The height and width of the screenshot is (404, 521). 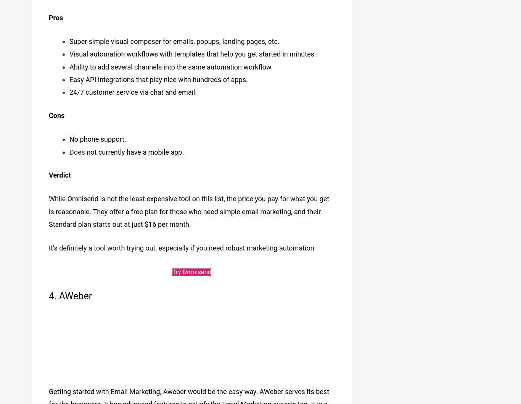 I want to click on 'not currently have a mobile app.', so click(x=134, y=149).